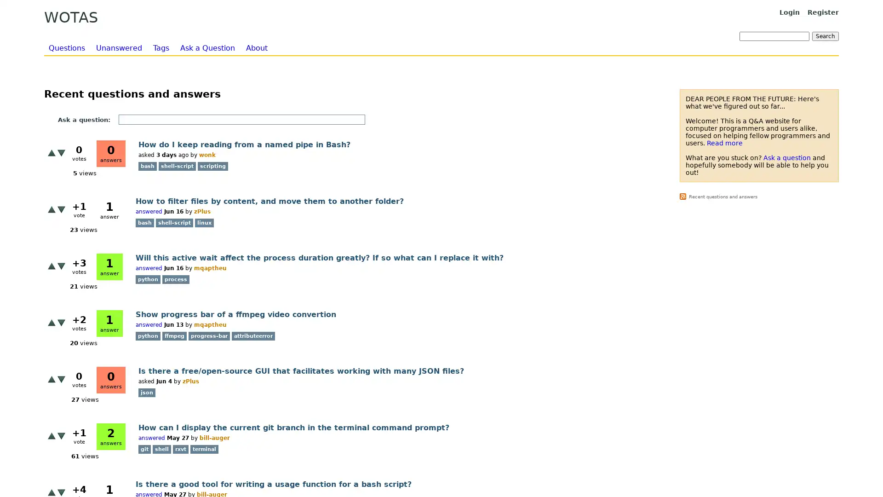 Image resolution: width=883 pixels, height=497 pixels. Describe the element at coordinates (826, 35) in the screenshot. I see `Search` at that location.